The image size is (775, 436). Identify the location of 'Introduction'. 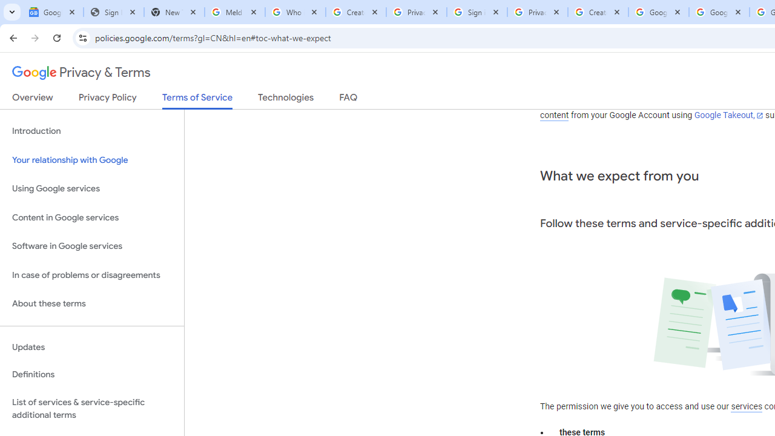
(91, 131).